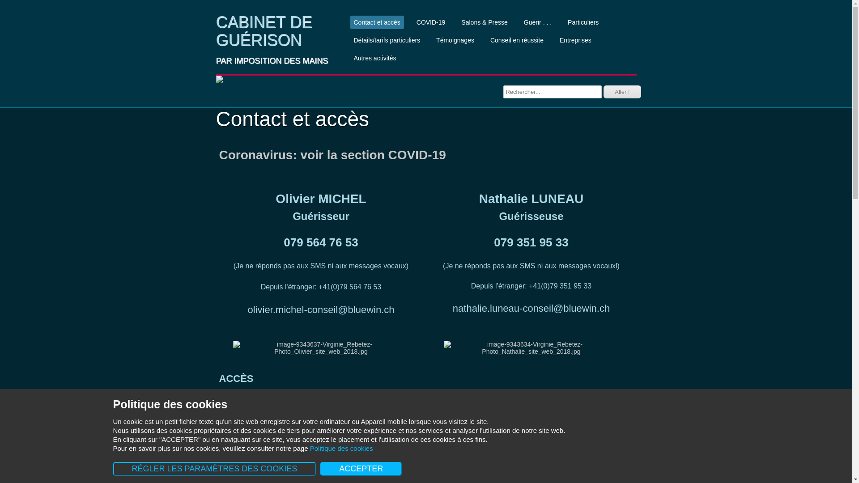 This screenshot has width=859, height=483. Describe the element at coordinates (457, 22) in the screenshot. I see `'Salons & Presse'` at that location.